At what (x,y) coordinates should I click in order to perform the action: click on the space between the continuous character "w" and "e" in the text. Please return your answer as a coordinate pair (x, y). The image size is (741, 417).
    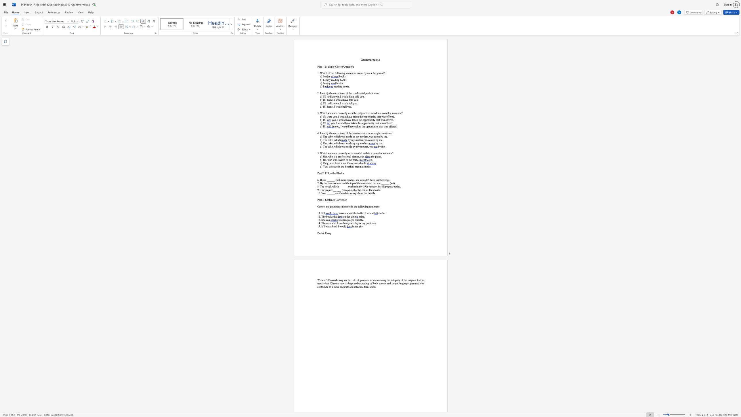
    Looking at the image, I should click on (328, 117).